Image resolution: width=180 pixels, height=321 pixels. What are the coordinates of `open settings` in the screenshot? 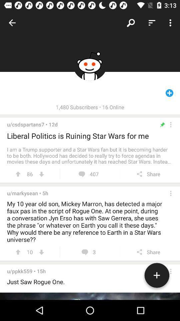 It's located at (171, 193).